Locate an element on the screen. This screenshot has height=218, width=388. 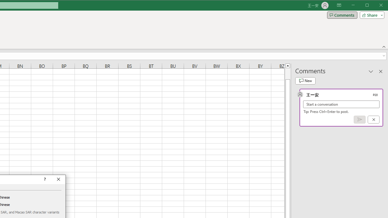
'Maximize' is located at coordinates (375, 6).